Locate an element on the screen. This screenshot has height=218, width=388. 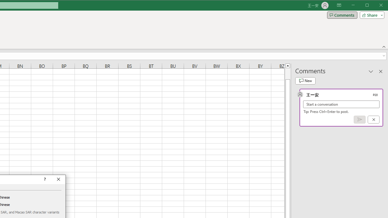
'Maximize' is located at coordinates (375, 6).